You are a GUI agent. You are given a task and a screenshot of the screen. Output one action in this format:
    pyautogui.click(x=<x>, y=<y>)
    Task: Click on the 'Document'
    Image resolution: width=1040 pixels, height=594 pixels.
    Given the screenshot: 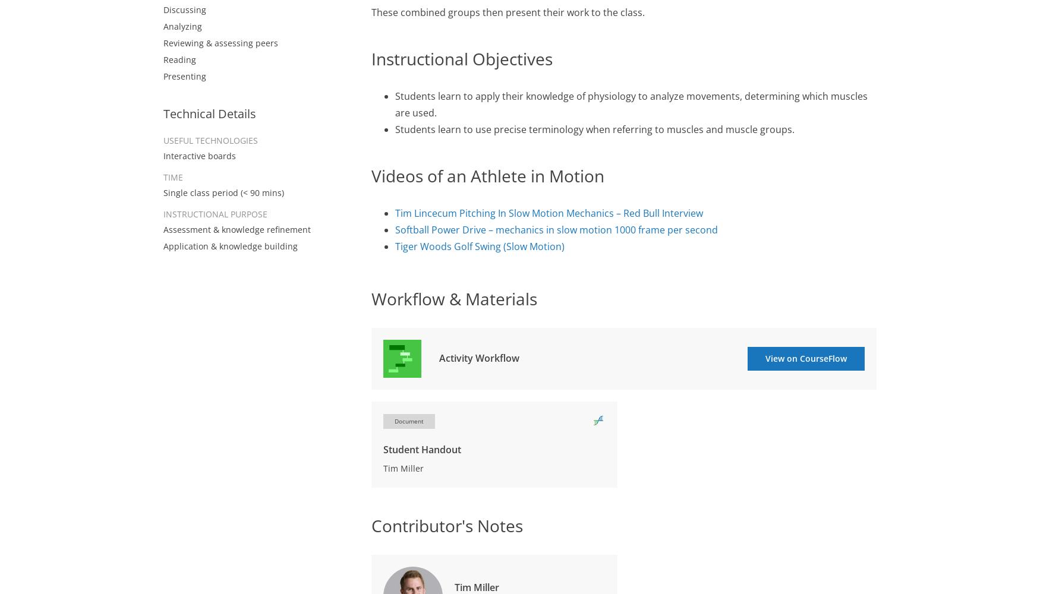 What is the action you would take?
    pyautogui.click(x=409, y=421)
    